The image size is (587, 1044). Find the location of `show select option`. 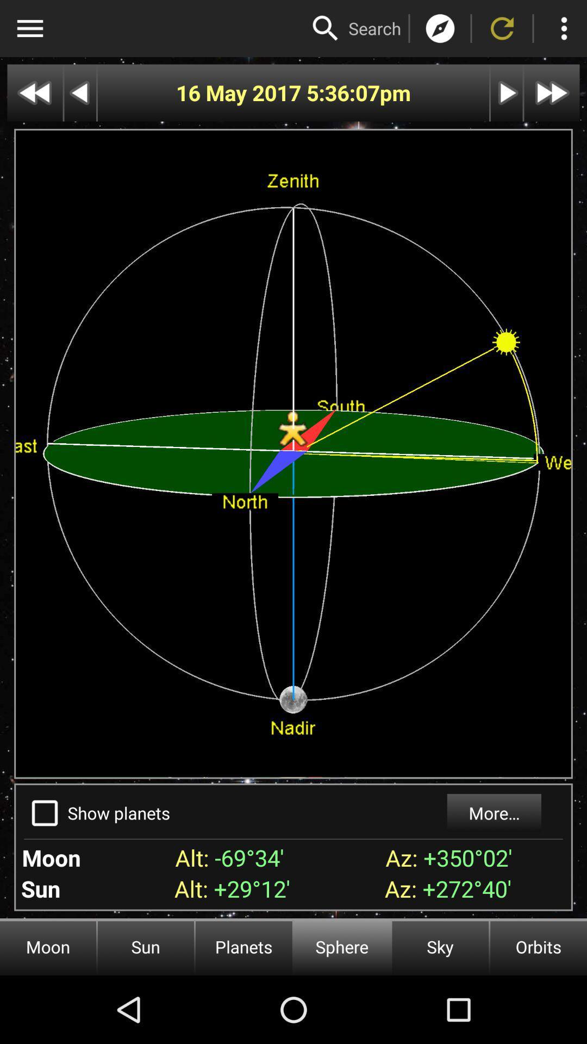

show select option is located at coordinates (44, 813).